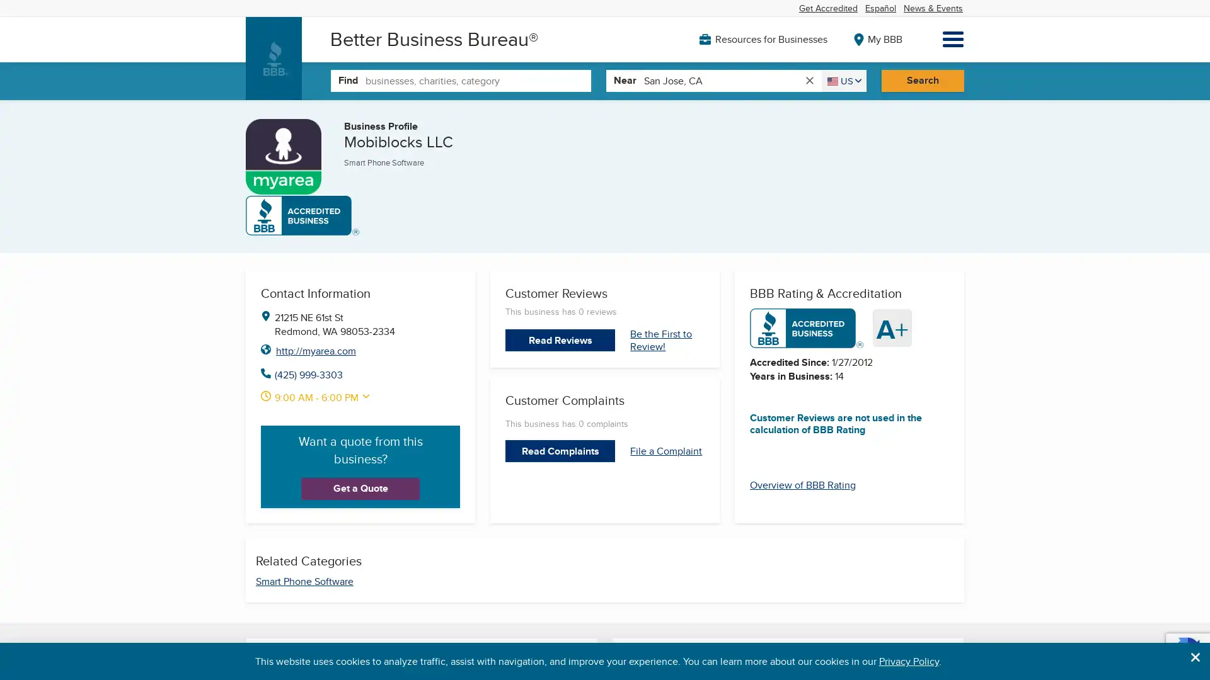 Image resolution: width=1210 pixels, height=680 pixels. Describe the element at coordinates (953, 38) in the screenshot. I see `Menu` at that location.